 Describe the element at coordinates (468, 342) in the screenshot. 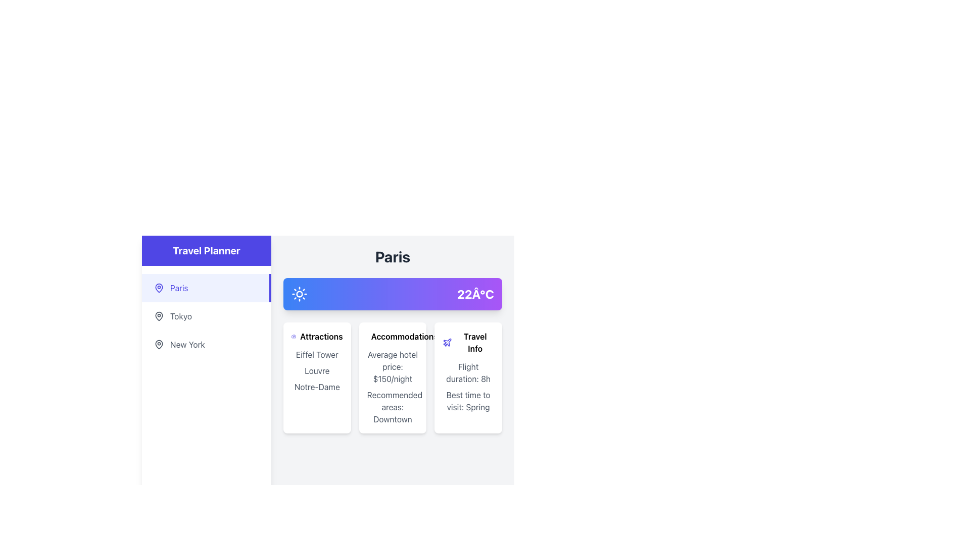

I see `the header label indicating 'Travel Info'` at that location.